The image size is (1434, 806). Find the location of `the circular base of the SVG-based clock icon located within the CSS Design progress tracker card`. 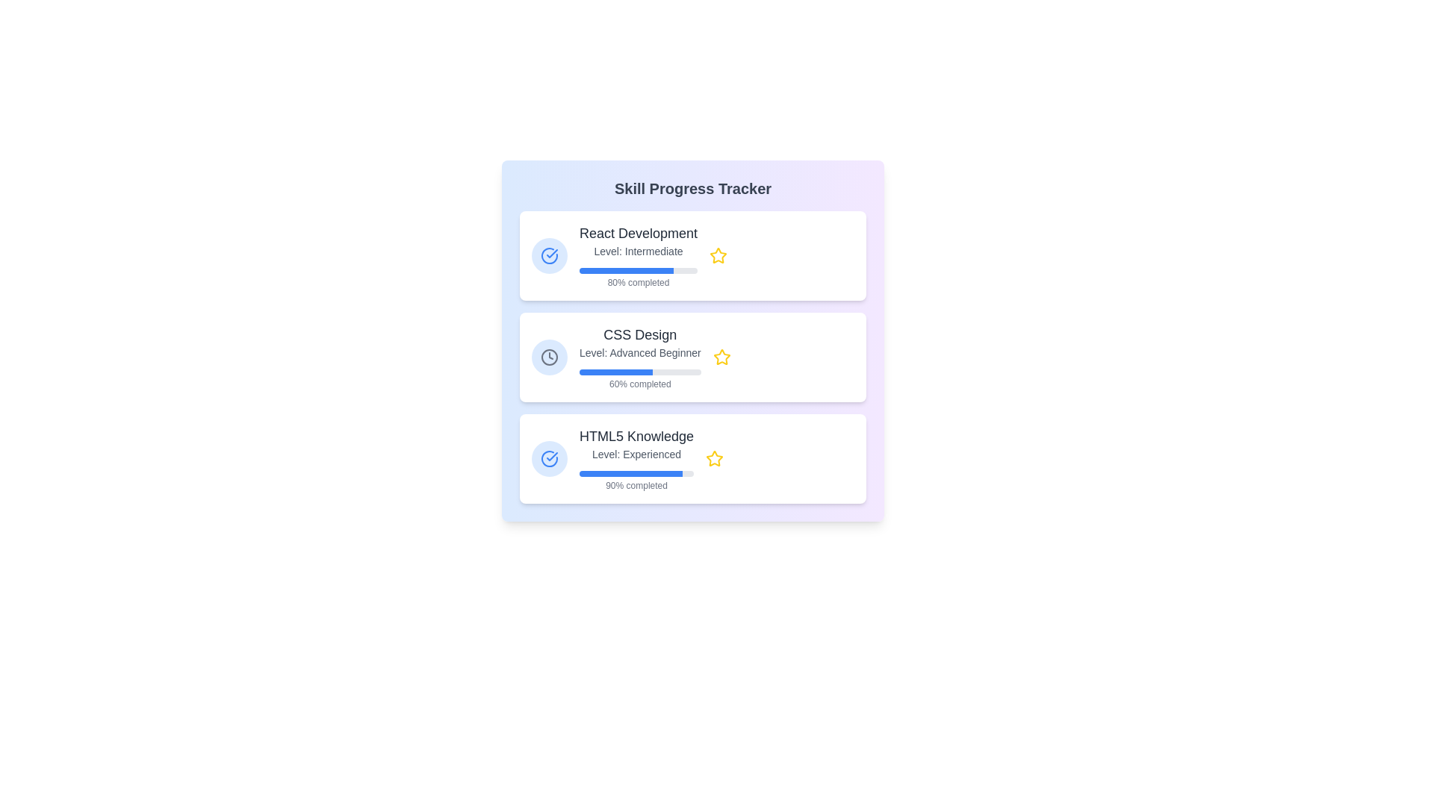

the circular base of the SVG-based clock icon located within the CSS Design progress tracker card is located at coordinates (548, 357).